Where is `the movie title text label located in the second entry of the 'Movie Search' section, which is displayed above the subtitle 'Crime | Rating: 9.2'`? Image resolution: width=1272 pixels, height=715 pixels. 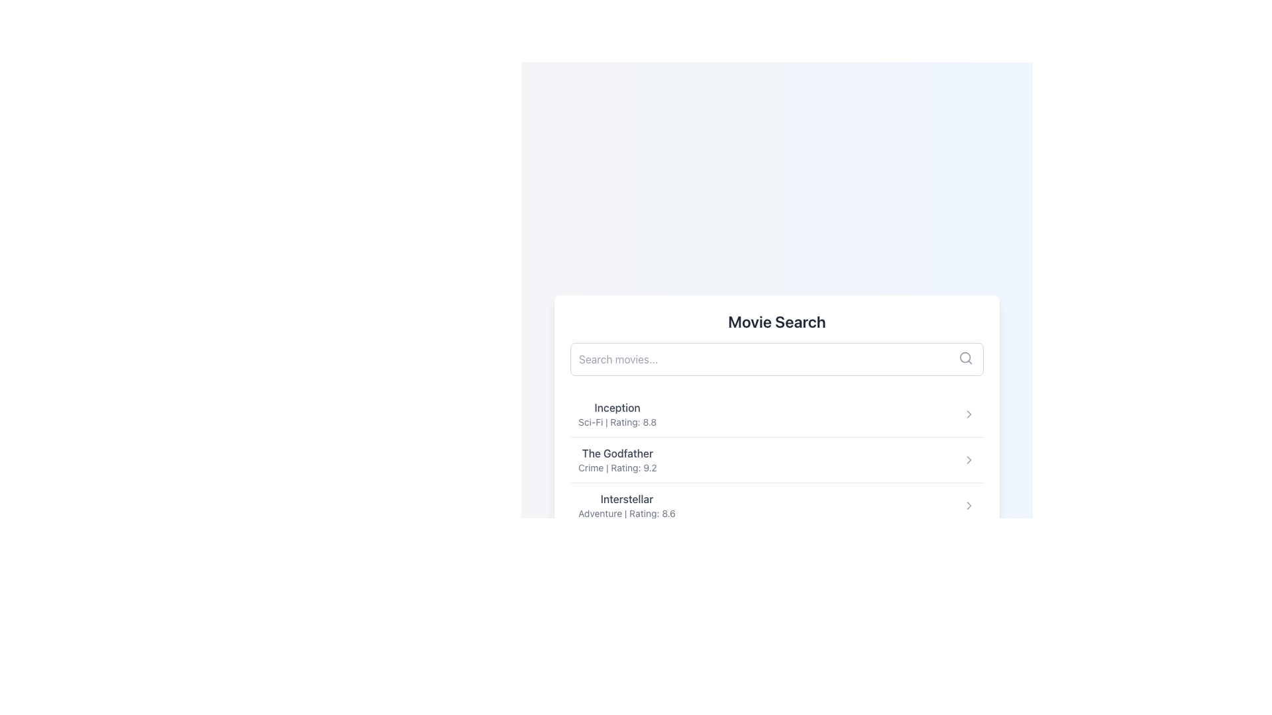 the movie title text label located in the second entry of the 'Movie Search' section, which is displayed above the subtitle 'Crime | Rating: 9.2' is located at coordinates (617, 453).